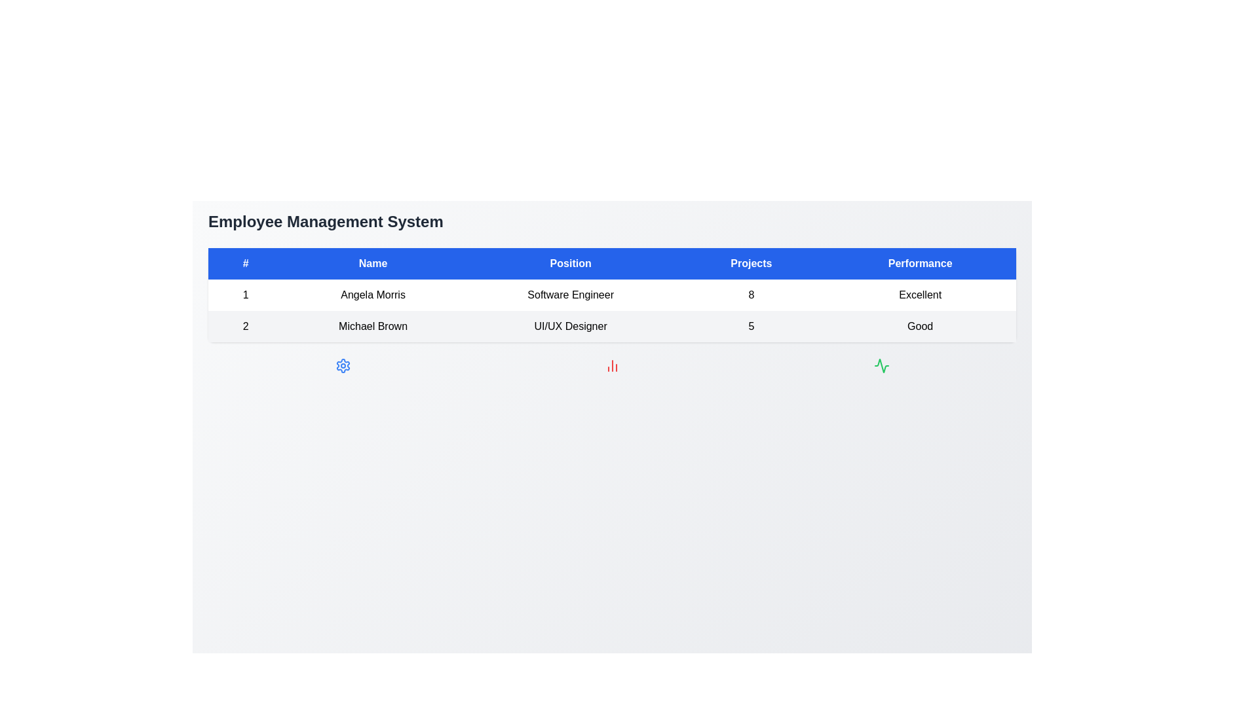 The image size is (1258, 707). Describe the element at coordinates (751, 295) in the screenshot. I see `the numeric detail in the fourth cell of the first row of the table, which indicates the number of projects attributed to an individual, for copying` at that location.